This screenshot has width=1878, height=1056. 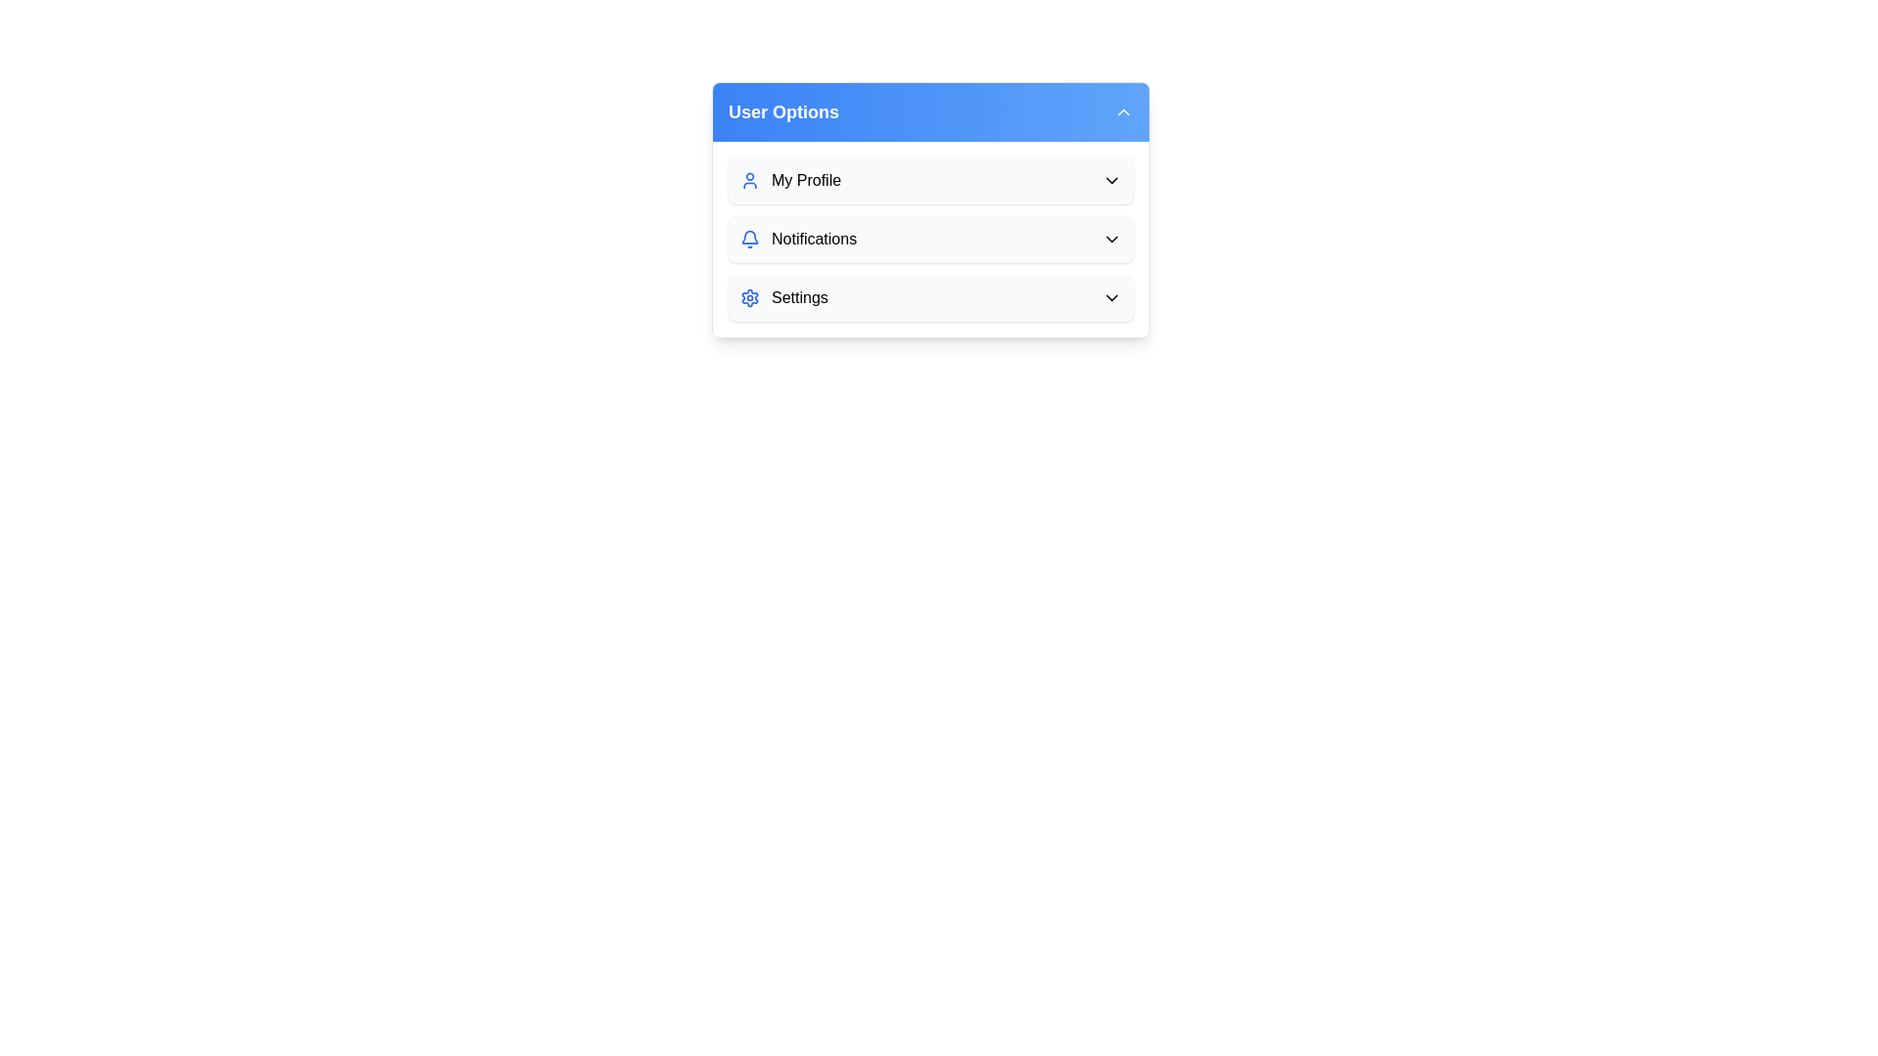 I want to click on the 'My Profile' option in the dropdown menu, so click(x=790, y=181).